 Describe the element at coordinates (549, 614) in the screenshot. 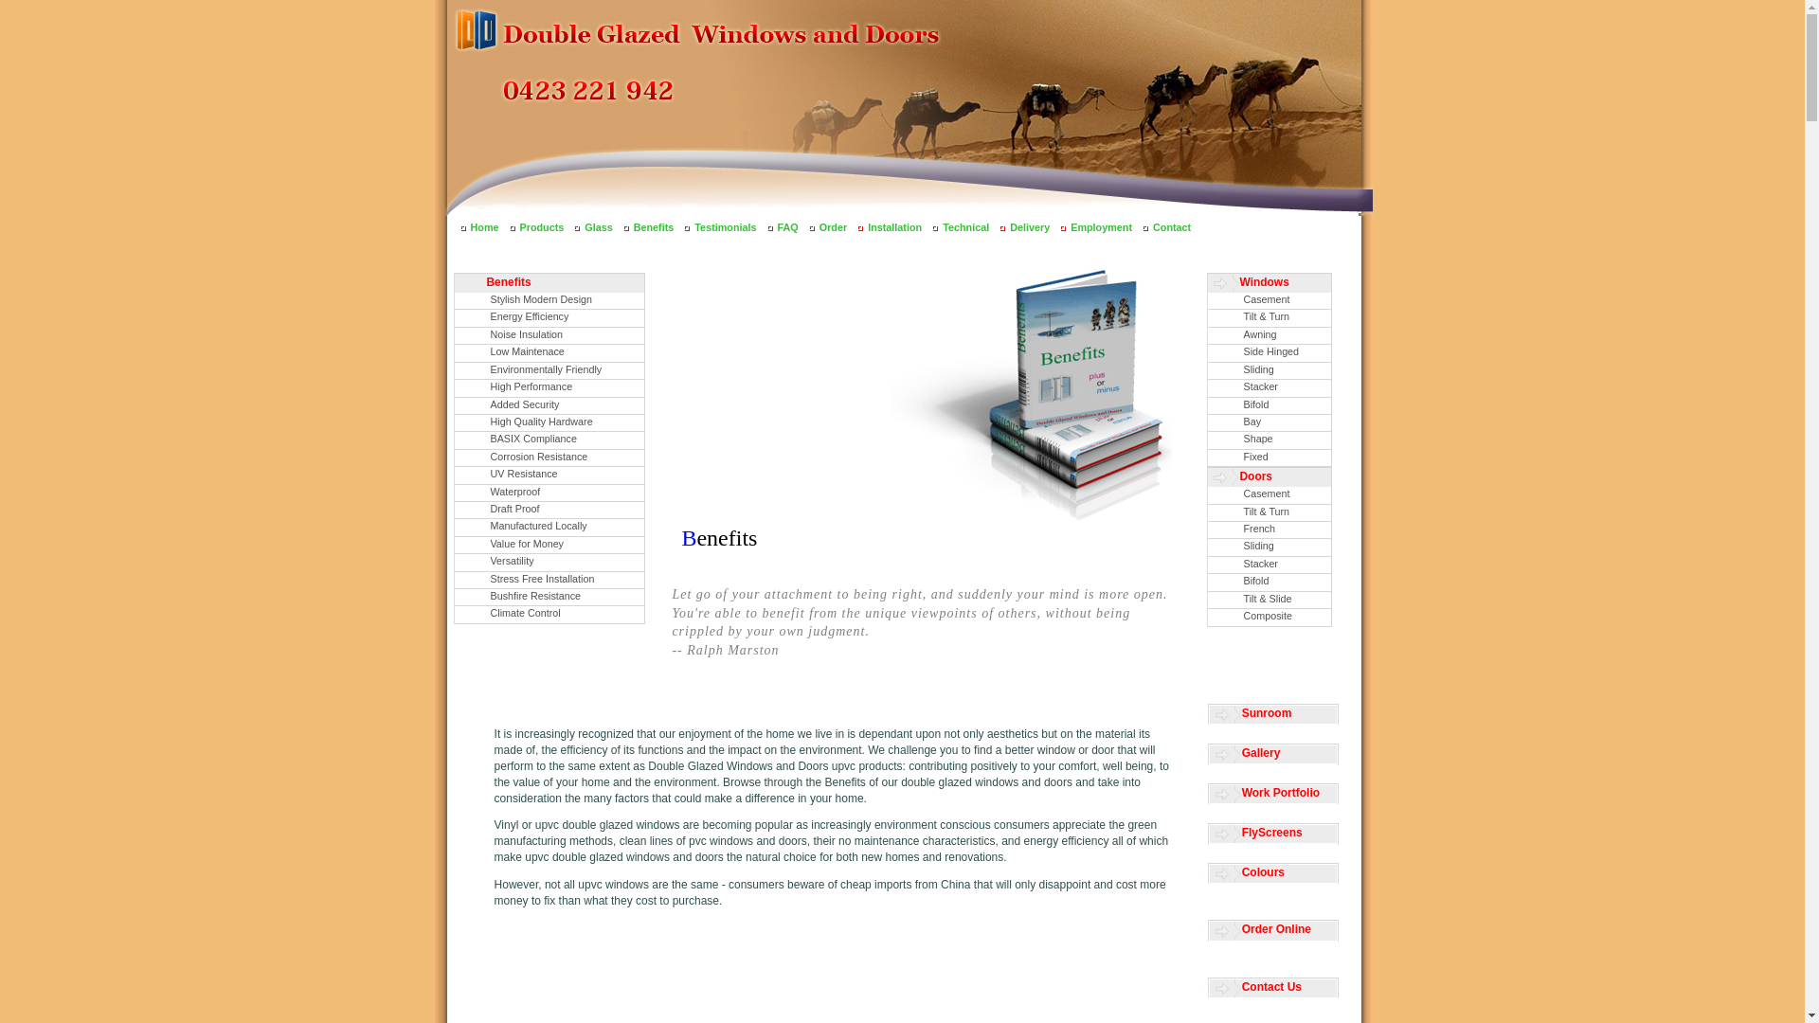

I see `'Climate Control'` at that location.